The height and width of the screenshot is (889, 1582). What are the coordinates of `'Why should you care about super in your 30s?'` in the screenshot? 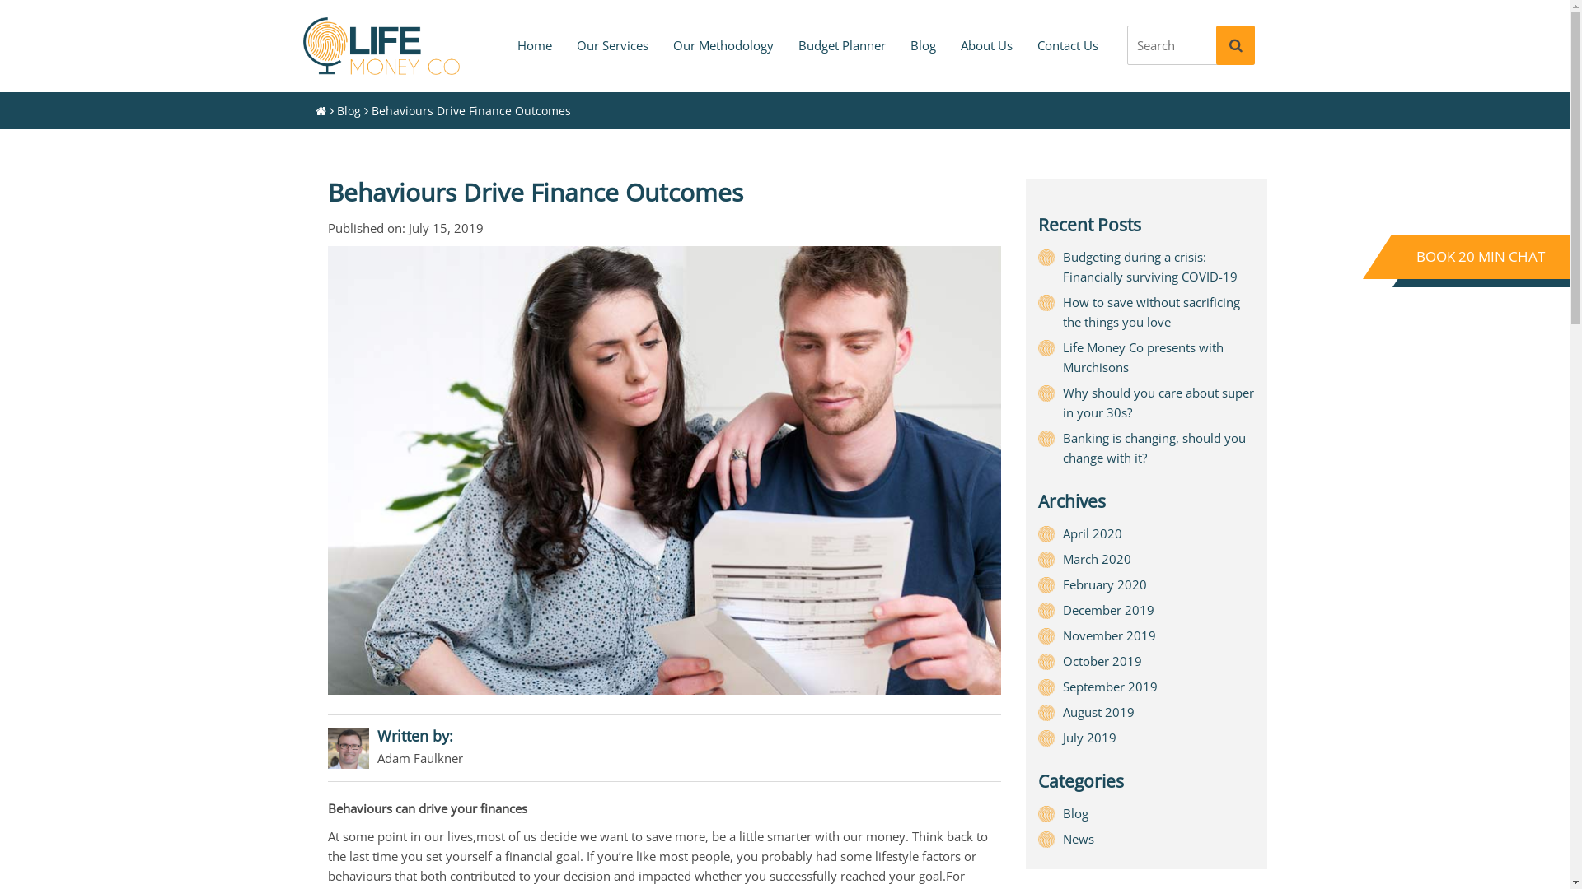 It's located at (1158, 403).